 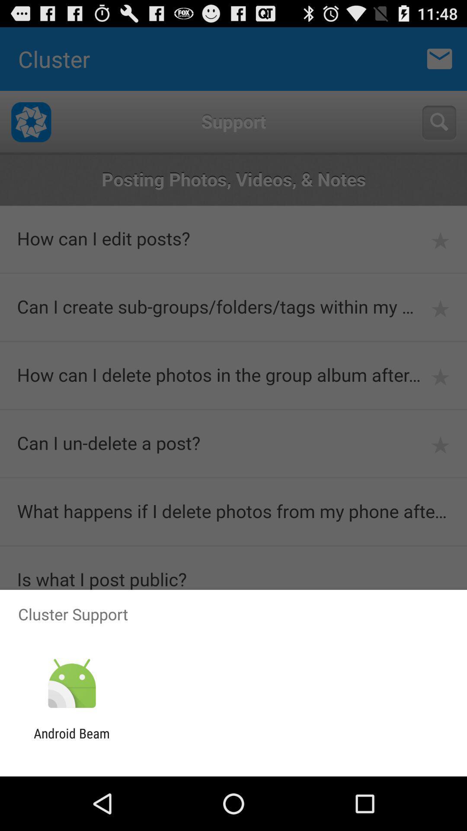 What do you see at coordinates (71, 741) in the screenshot?
I see `the android beam icon` at bounding box center [71, 741].